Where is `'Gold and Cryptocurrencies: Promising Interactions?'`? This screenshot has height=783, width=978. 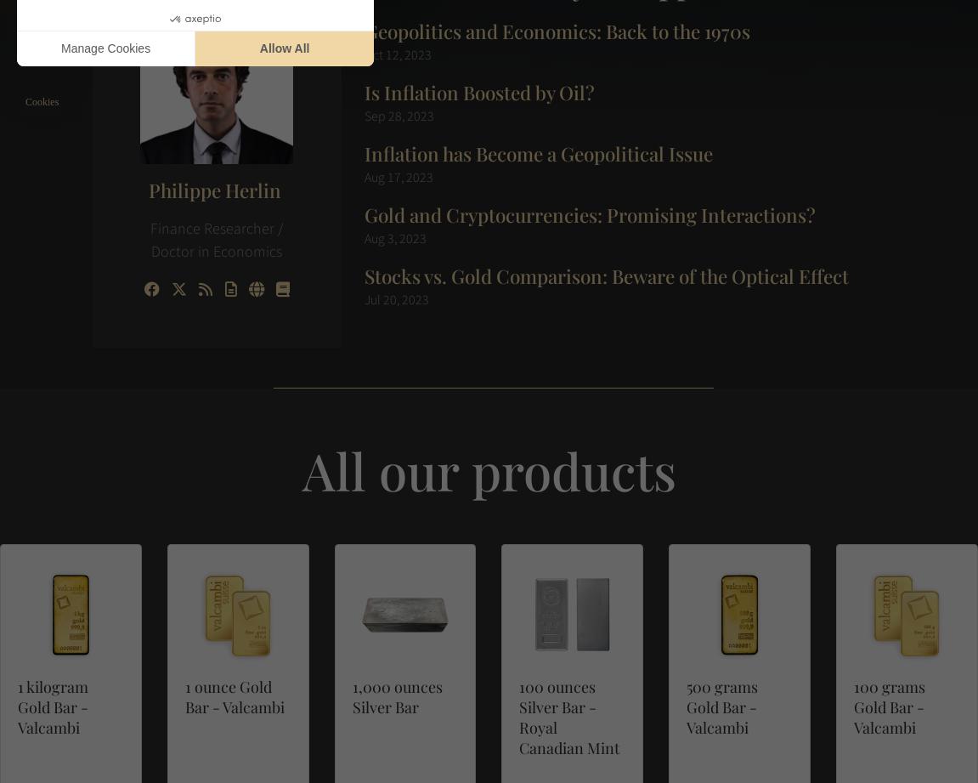 'Gold and Cryptocurrencies: Promising Interactions?' is located at coordinates (363, 213).